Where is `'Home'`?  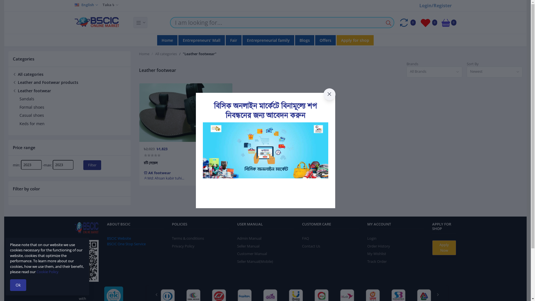 'Home' is located at coordinates (167, 40).